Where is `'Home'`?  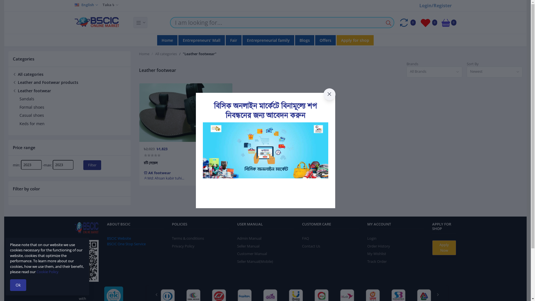 'Home' is located at coordinates (167, 40).